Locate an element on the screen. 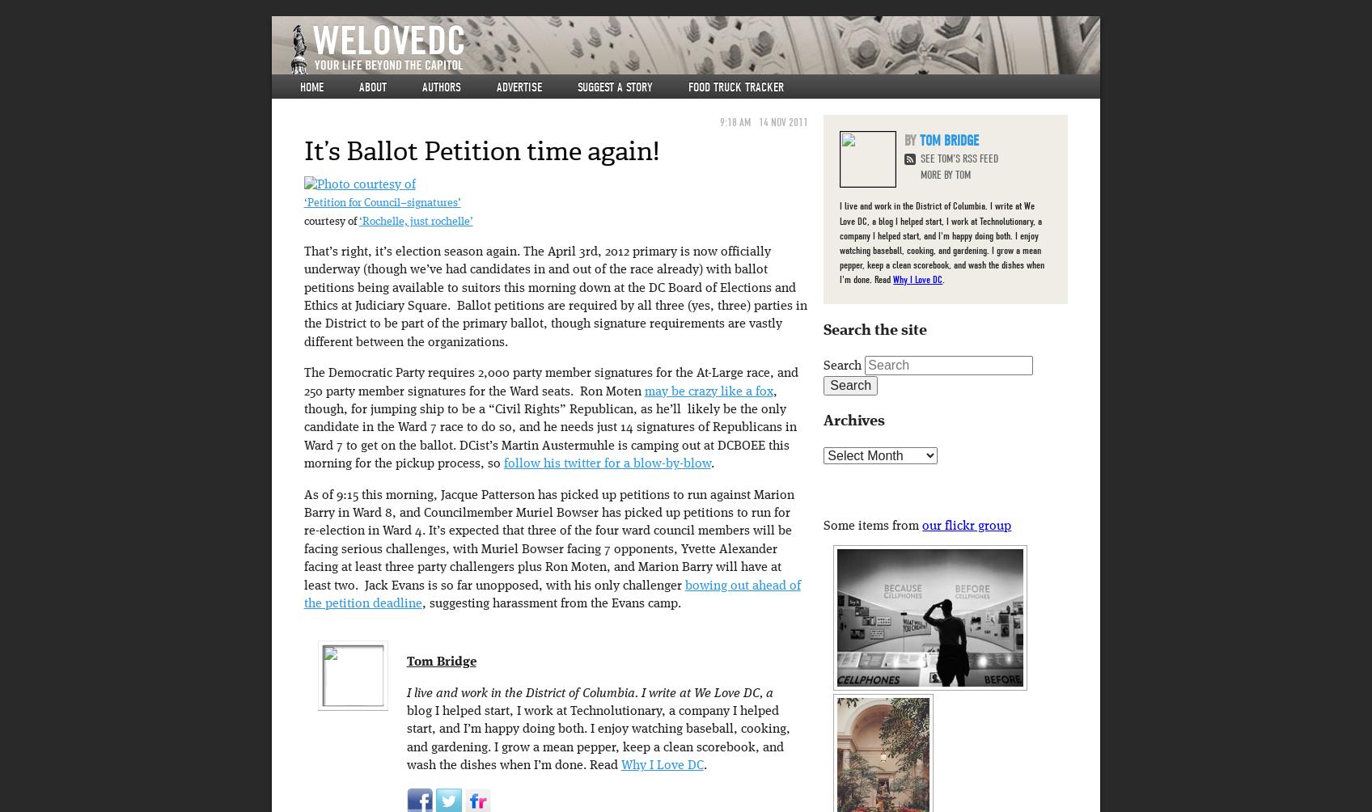 This screenshot has height=812, width=1372. '‘Petition for Council–signatures’' is located at coordinates (381, 203).